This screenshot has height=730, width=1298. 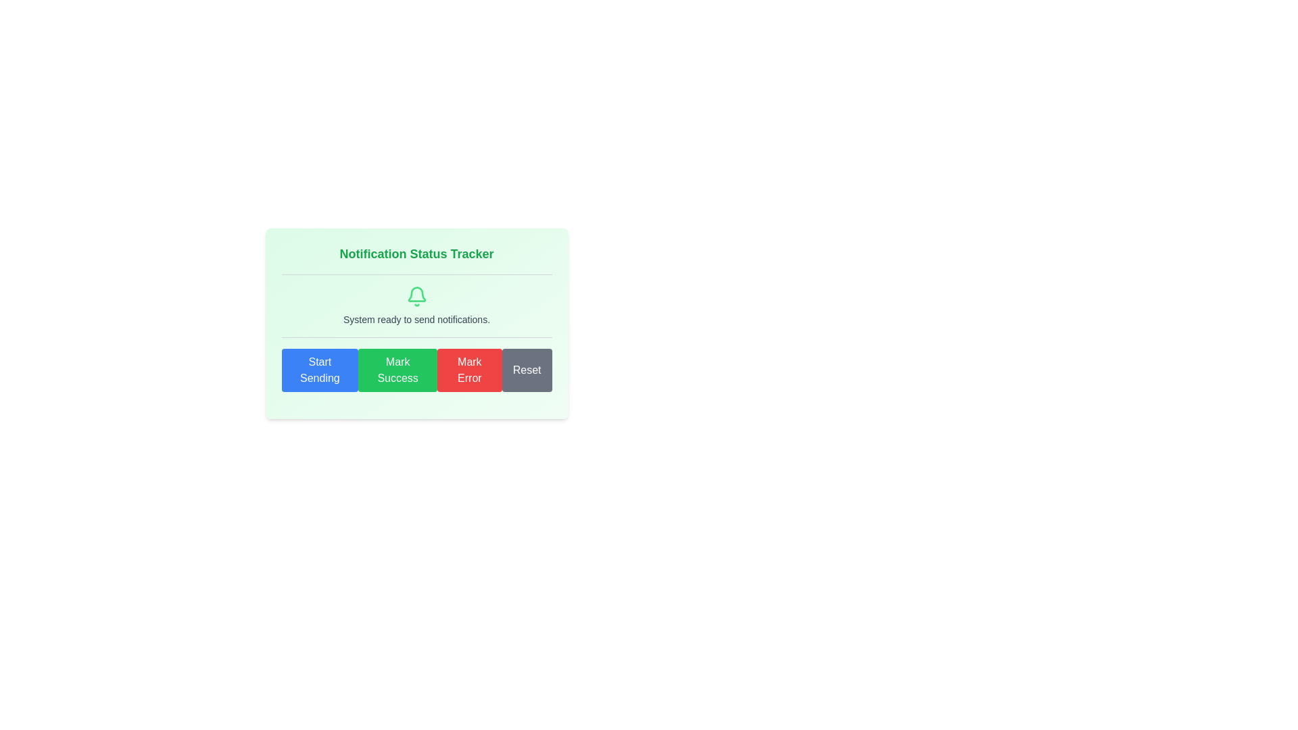 I want to click on the bell icon with a green outline and green dot located centrally beneath the 'Notification Status Tracker' header, so click(x=416, y=296).